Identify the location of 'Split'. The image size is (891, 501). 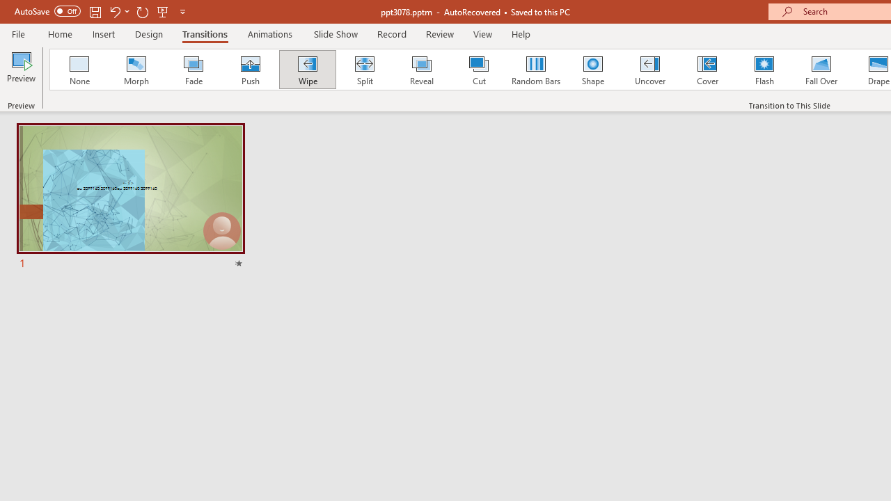
(364, 70).